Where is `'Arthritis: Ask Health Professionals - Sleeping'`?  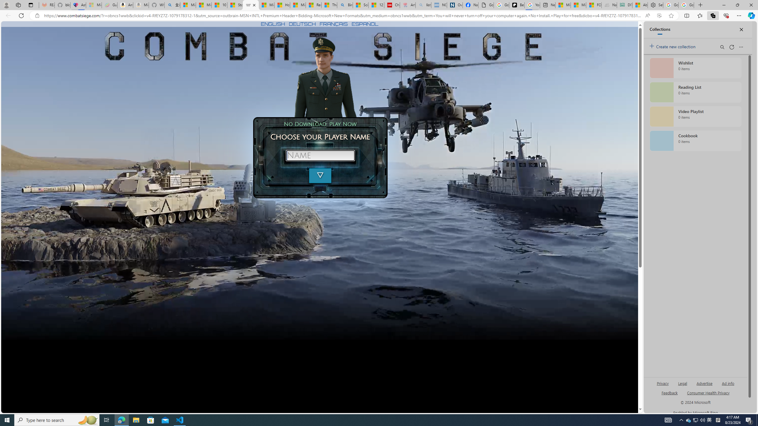
'Arthritis: Ask Health Professionals - Sleeping' is located at coordinates (408, 5).